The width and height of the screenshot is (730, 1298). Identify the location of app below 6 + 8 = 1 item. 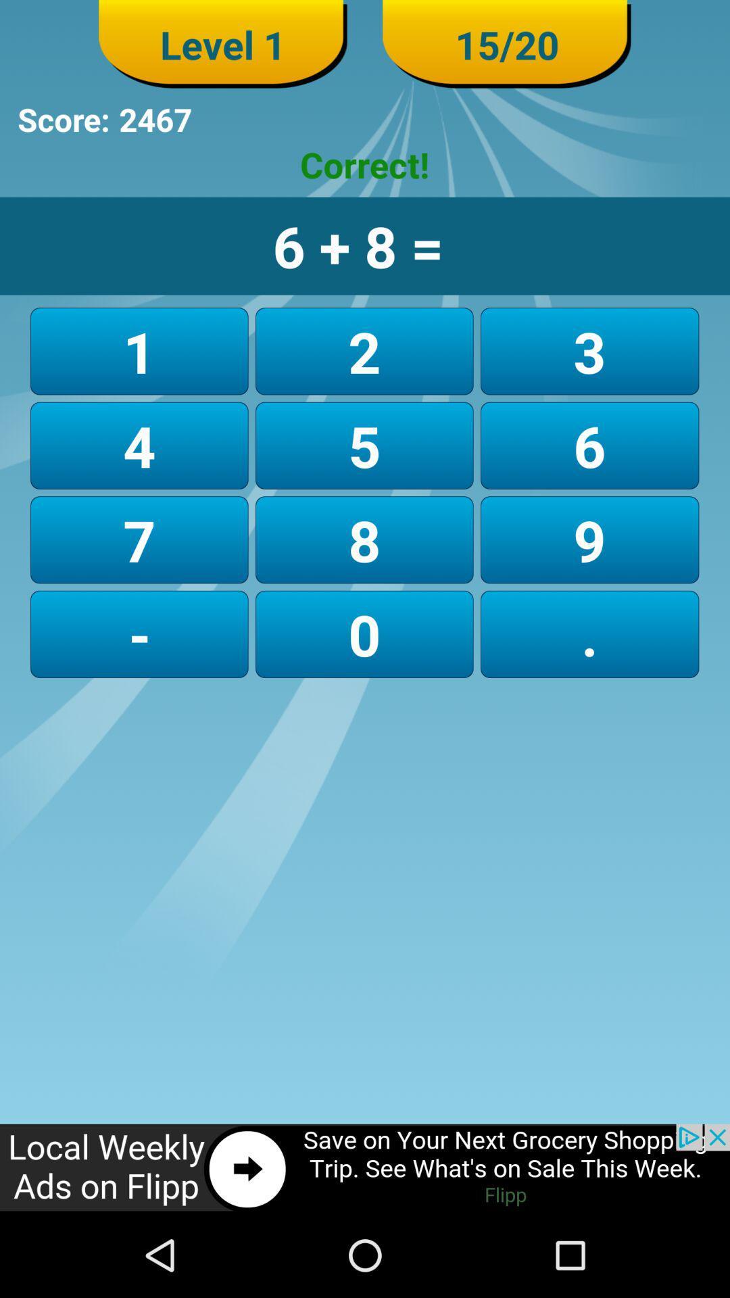
(589, 351).